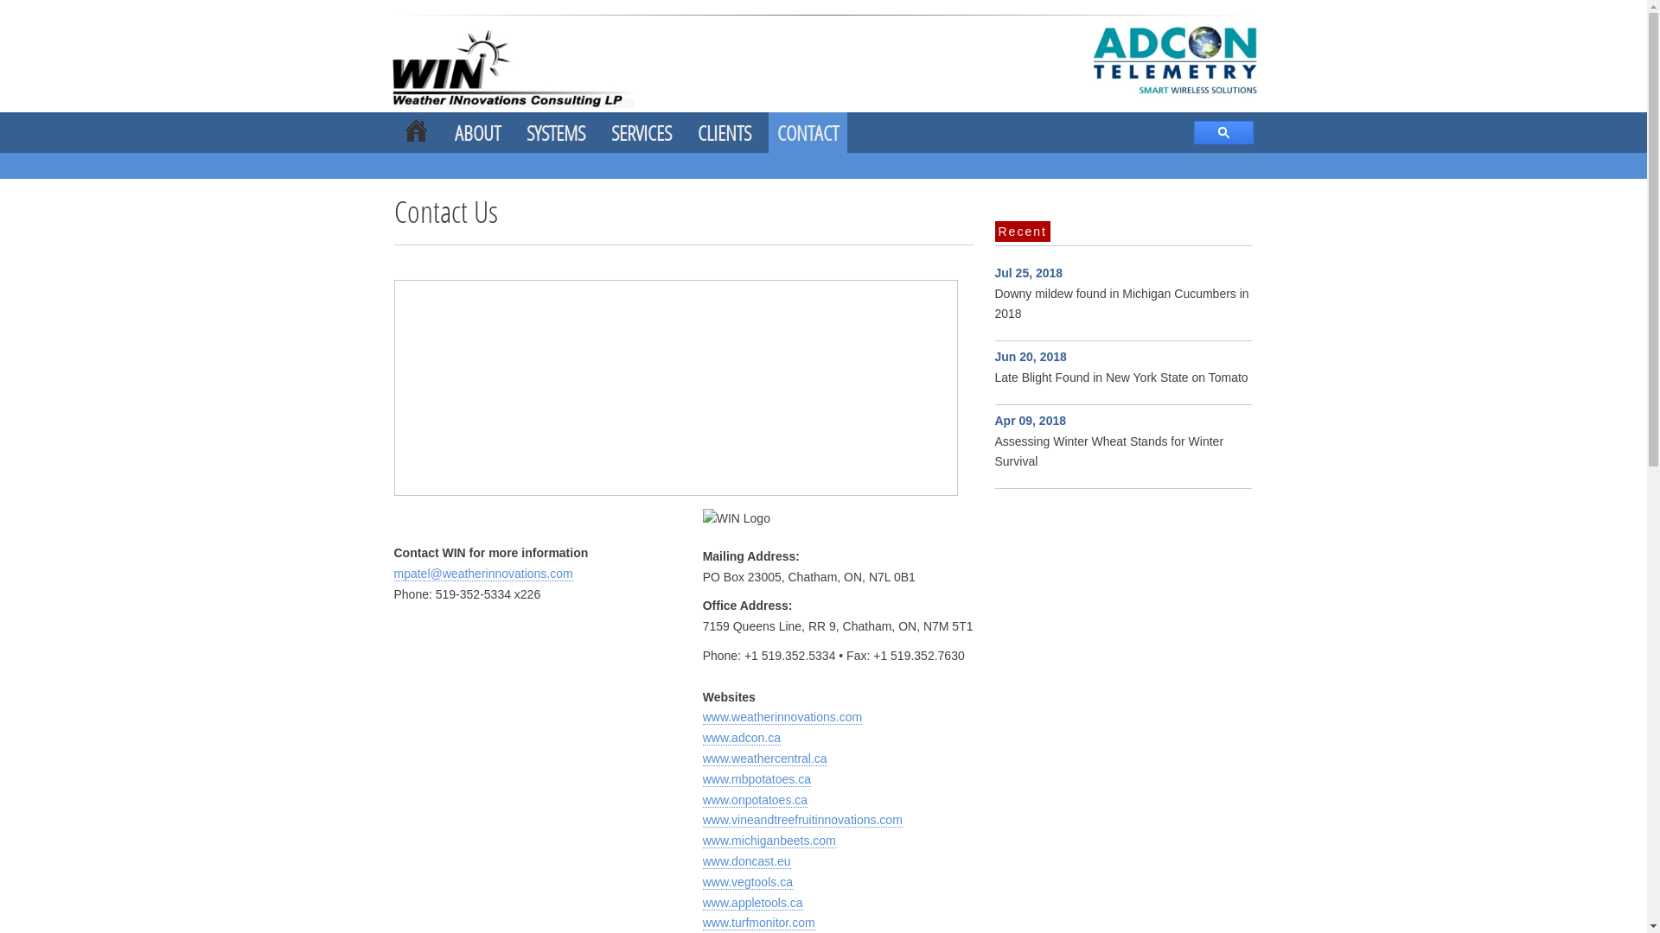  Describe the element at coordinates (763, 758) in the screenshot. I see `'www.weathercentral.ca'` at that location.